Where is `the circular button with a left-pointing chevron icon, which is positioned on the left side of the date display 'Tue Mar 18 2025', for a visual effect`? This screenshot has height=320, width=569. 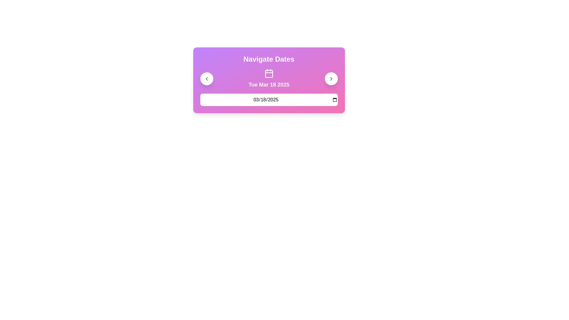
the circular button with a left-pointing chevron icon, which is positioned on the left side of the date display 'Tue Mar 18 2025', for a visual effect is located at coordinates (207, 79).